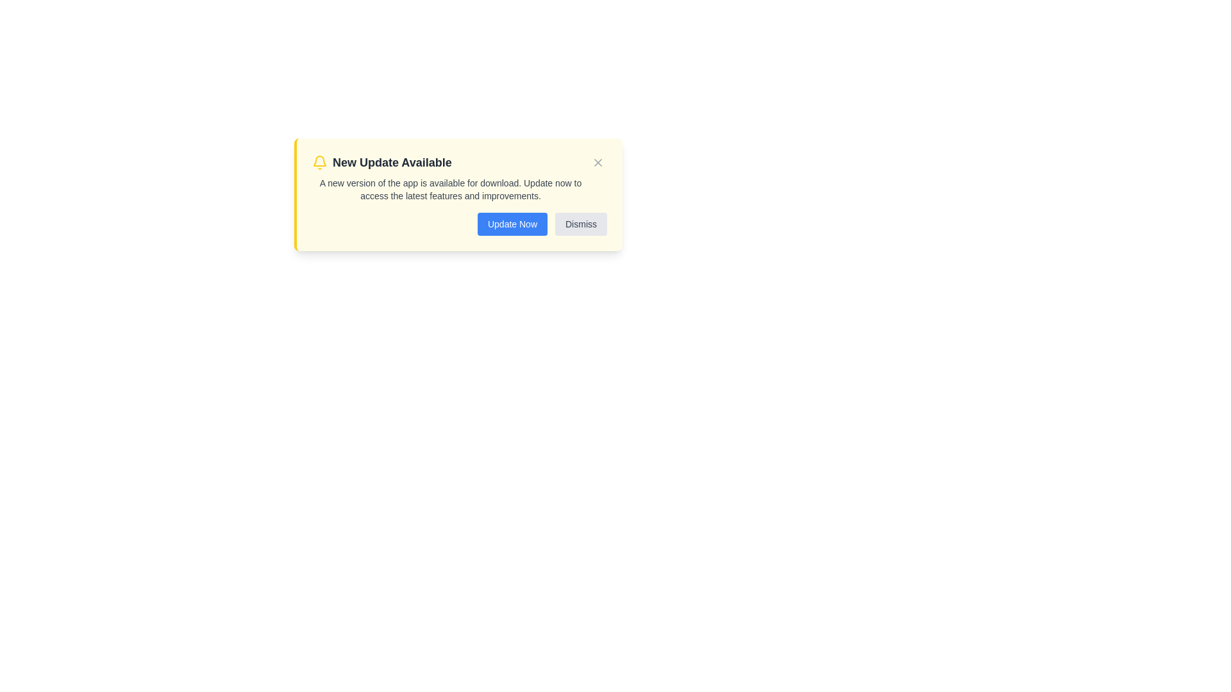 Image resolution: width=1231 pixels, height=692 pixels. Describe the element at coordinates (597, 162) in the screenshot. I see `the close button located at its center` at that location.